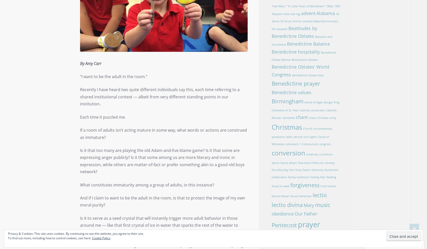  Describe the element at coordinates (300, 70) in the screenshot. I see `'Benedictine Oblates' World Congress'` at that location.